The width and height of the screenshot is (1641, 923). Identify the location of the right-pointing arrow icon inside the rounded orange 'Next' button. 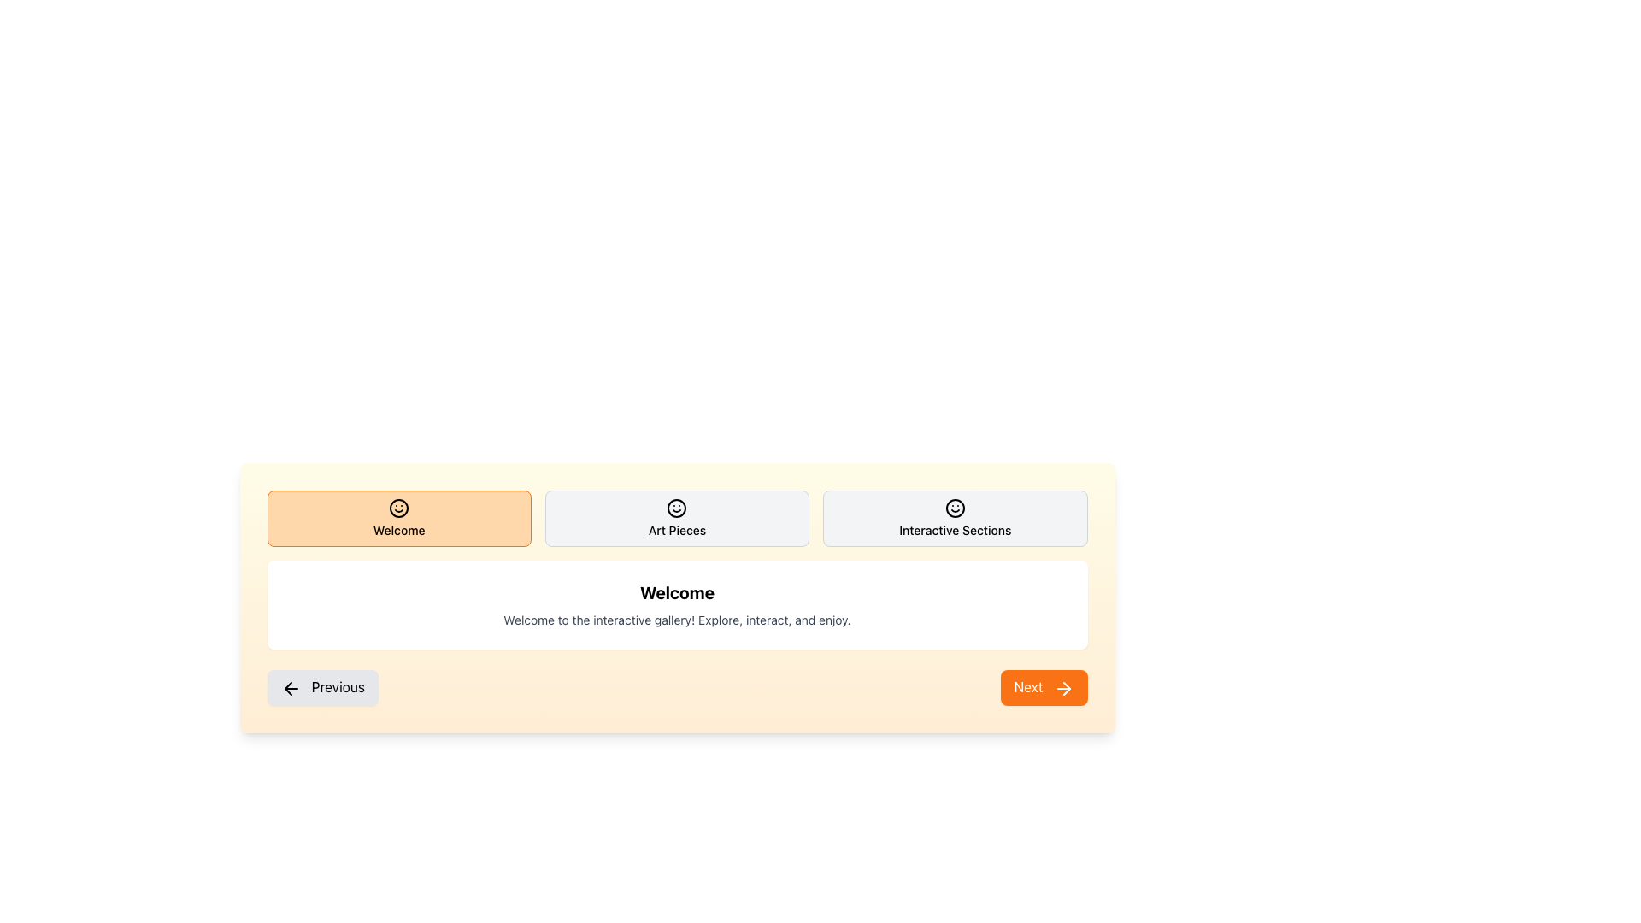
(1062, 687).